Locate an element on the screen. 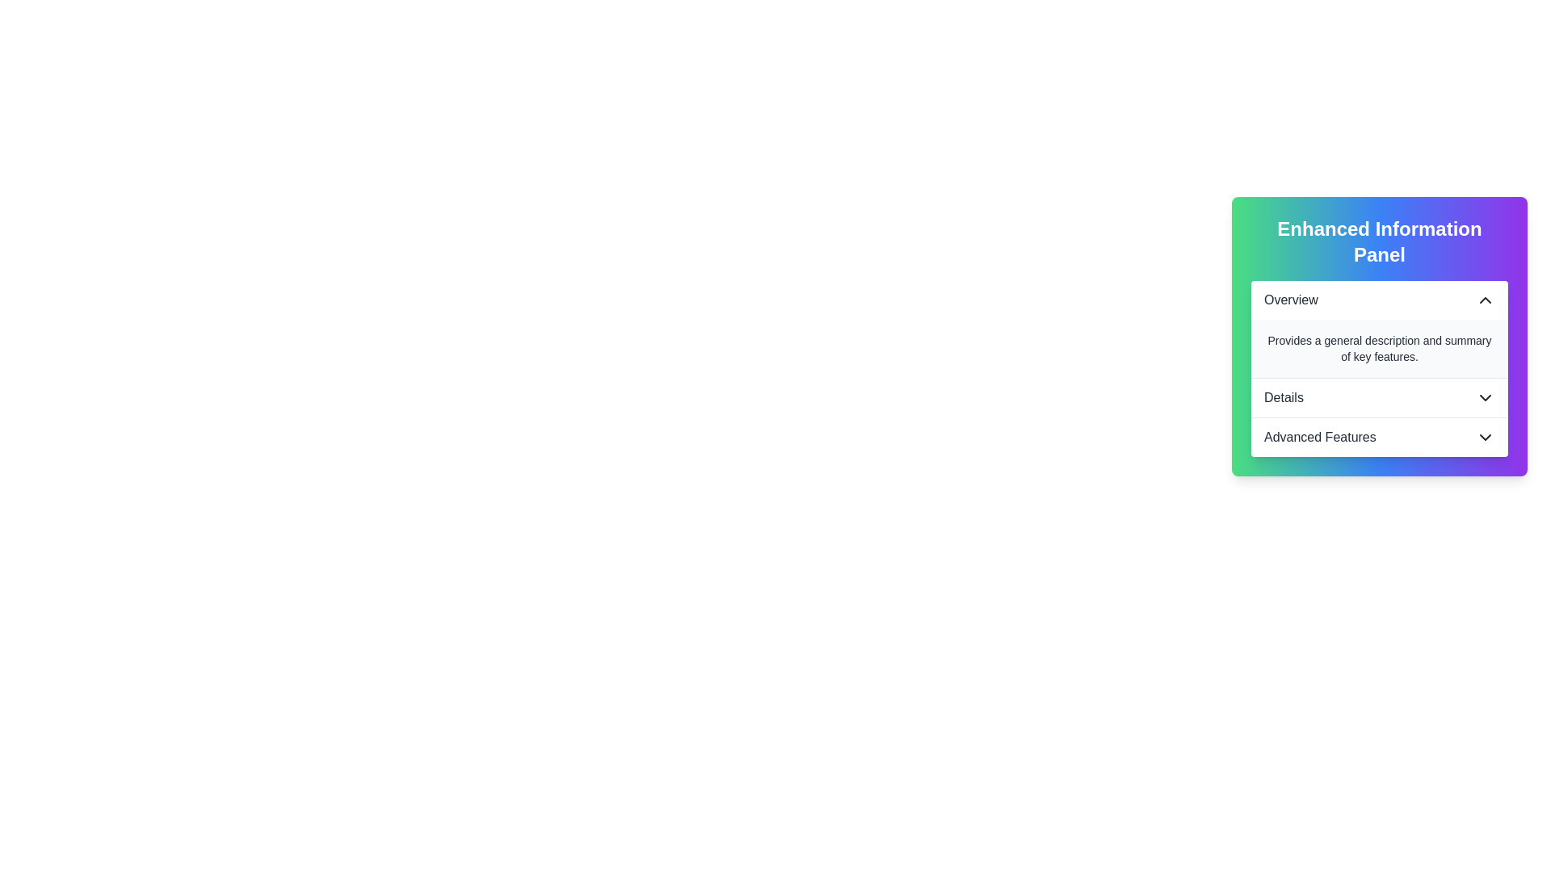  the collapsible sections of the 'Enhanced Information Panel' is located at coordinates (1379, 335).